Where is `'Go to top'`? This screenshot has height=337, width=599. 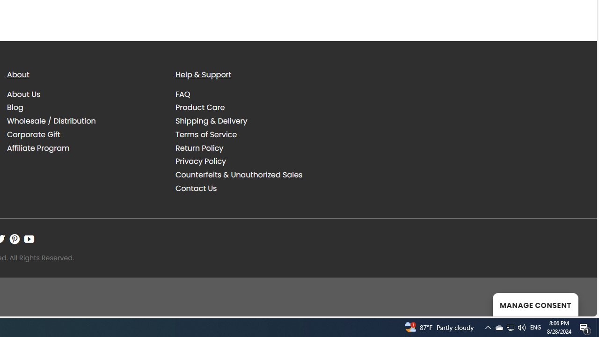 'Go to top' is located at coordinates (577, 303).